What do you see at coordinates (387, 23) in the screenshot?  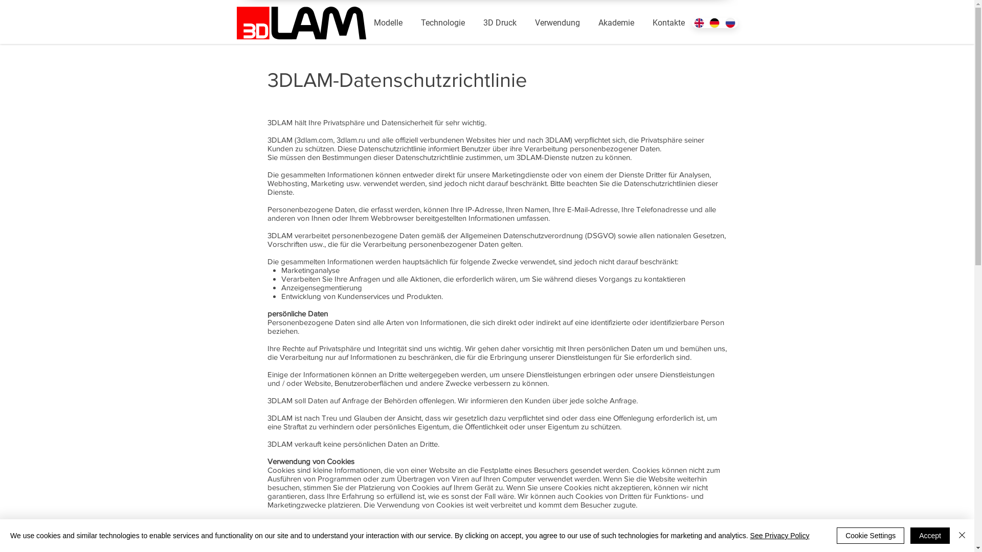 I see `'Modelle'` at bounding box center [387, 23].